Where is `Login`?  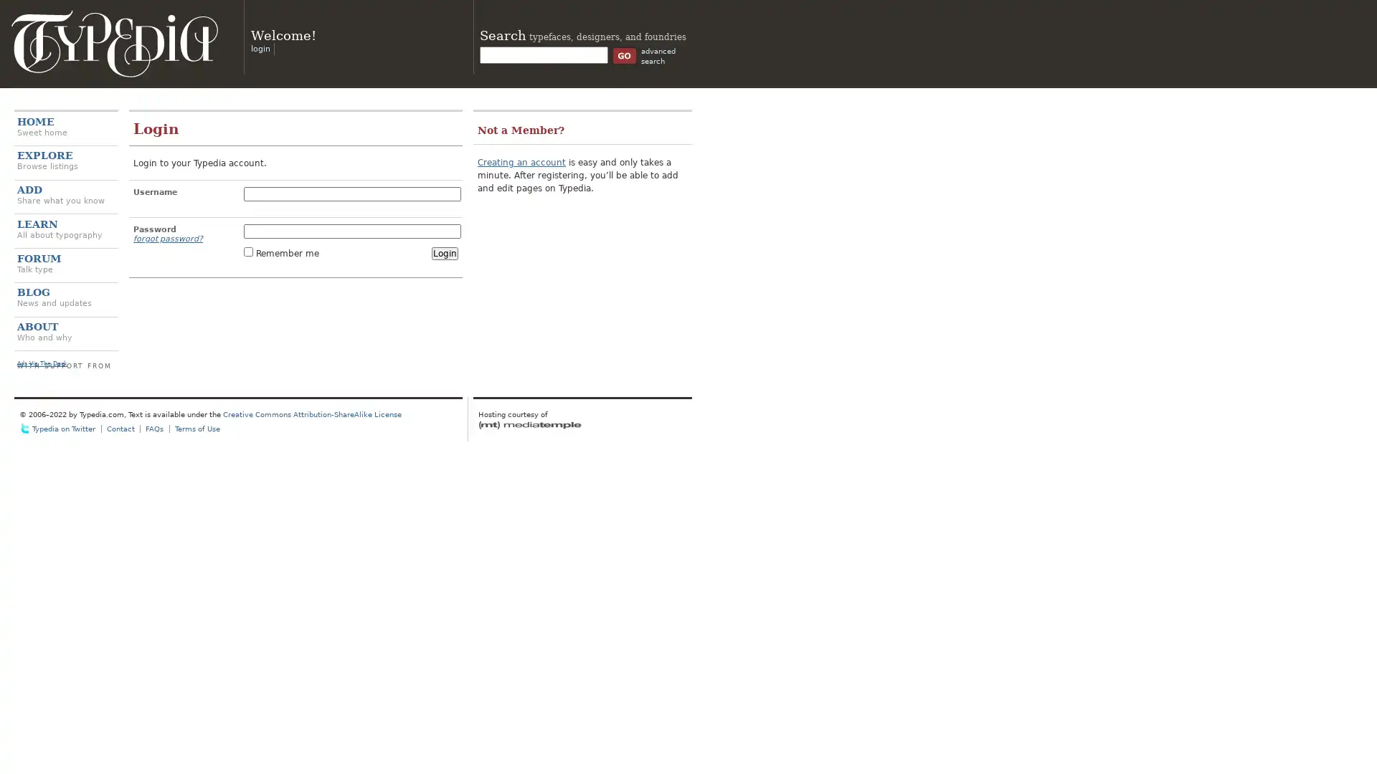 Login is located at coordinates (444, 252).